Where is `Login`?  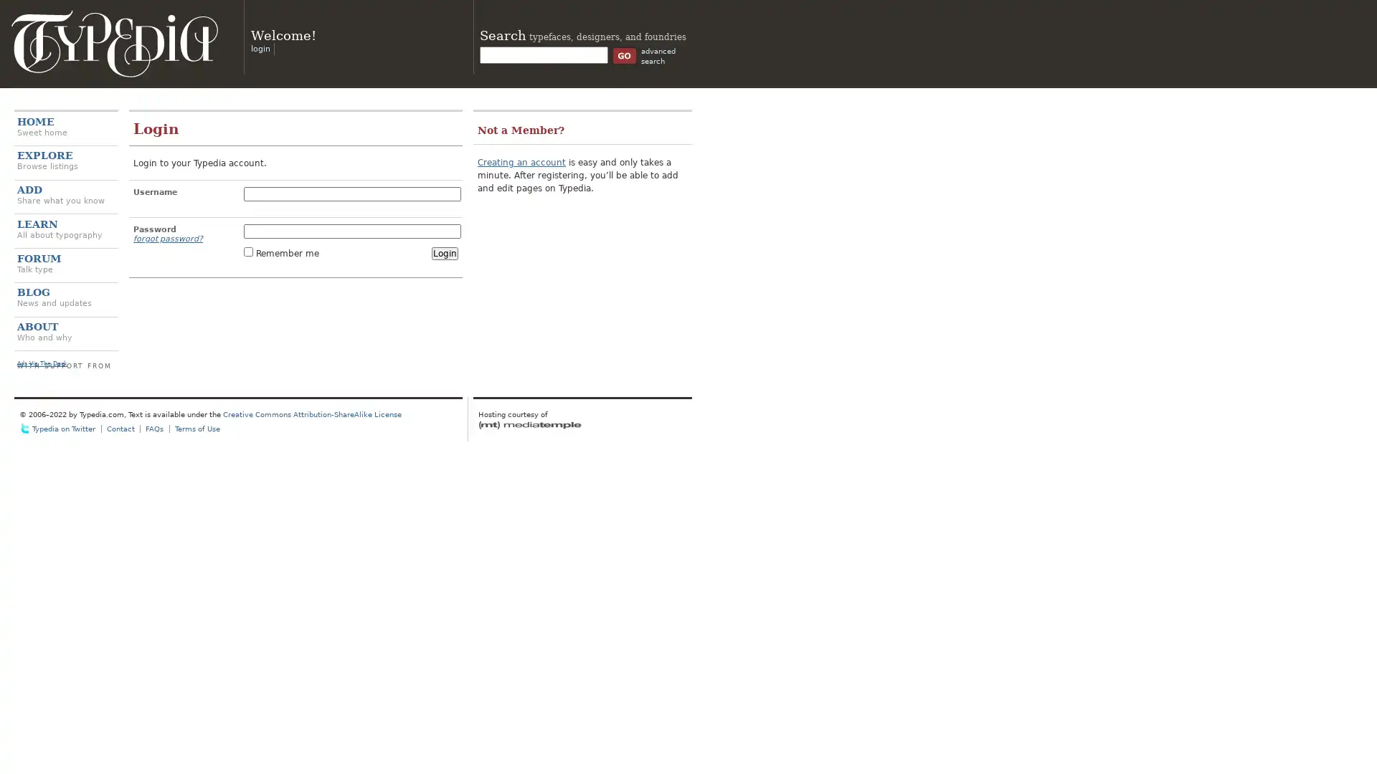 Login is located at coordinates (444, 252).